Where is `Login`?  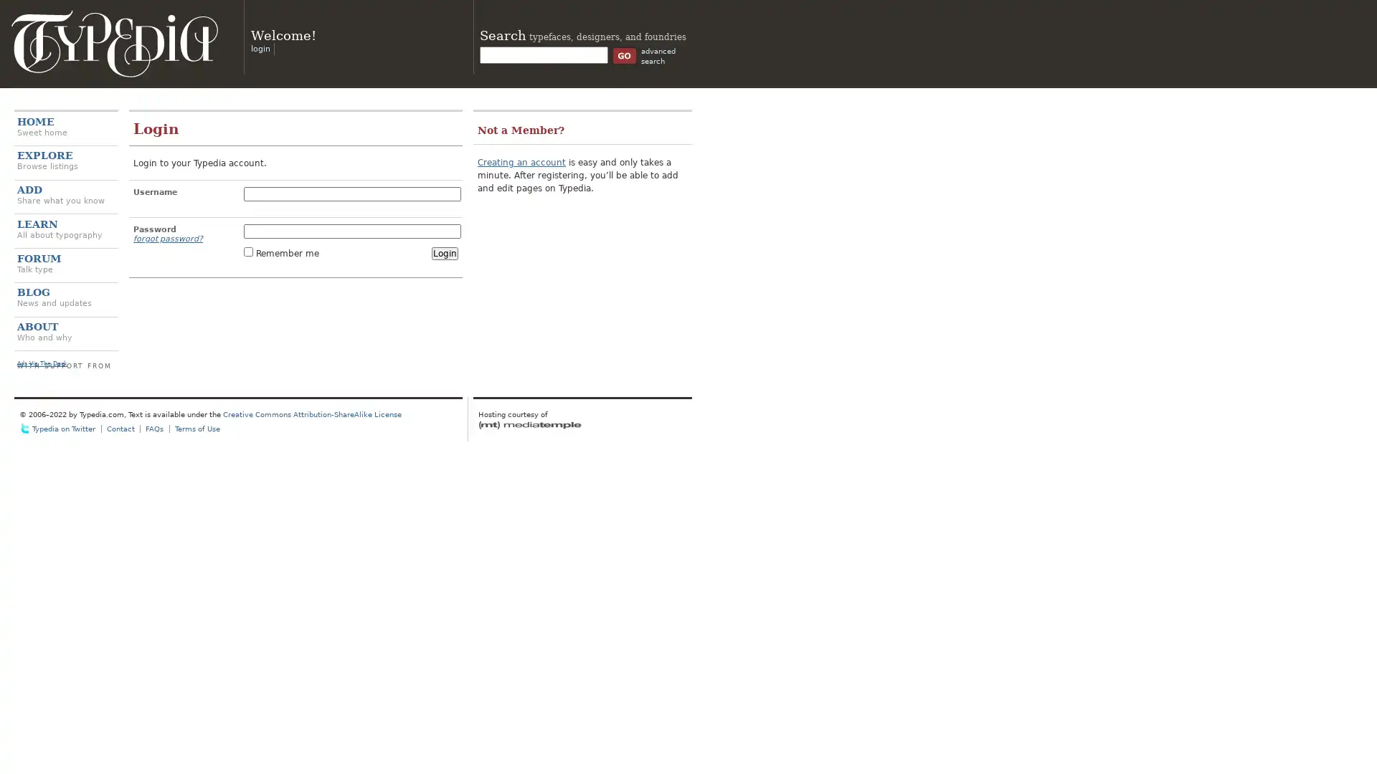 Login is located at coordinates (444, 252).